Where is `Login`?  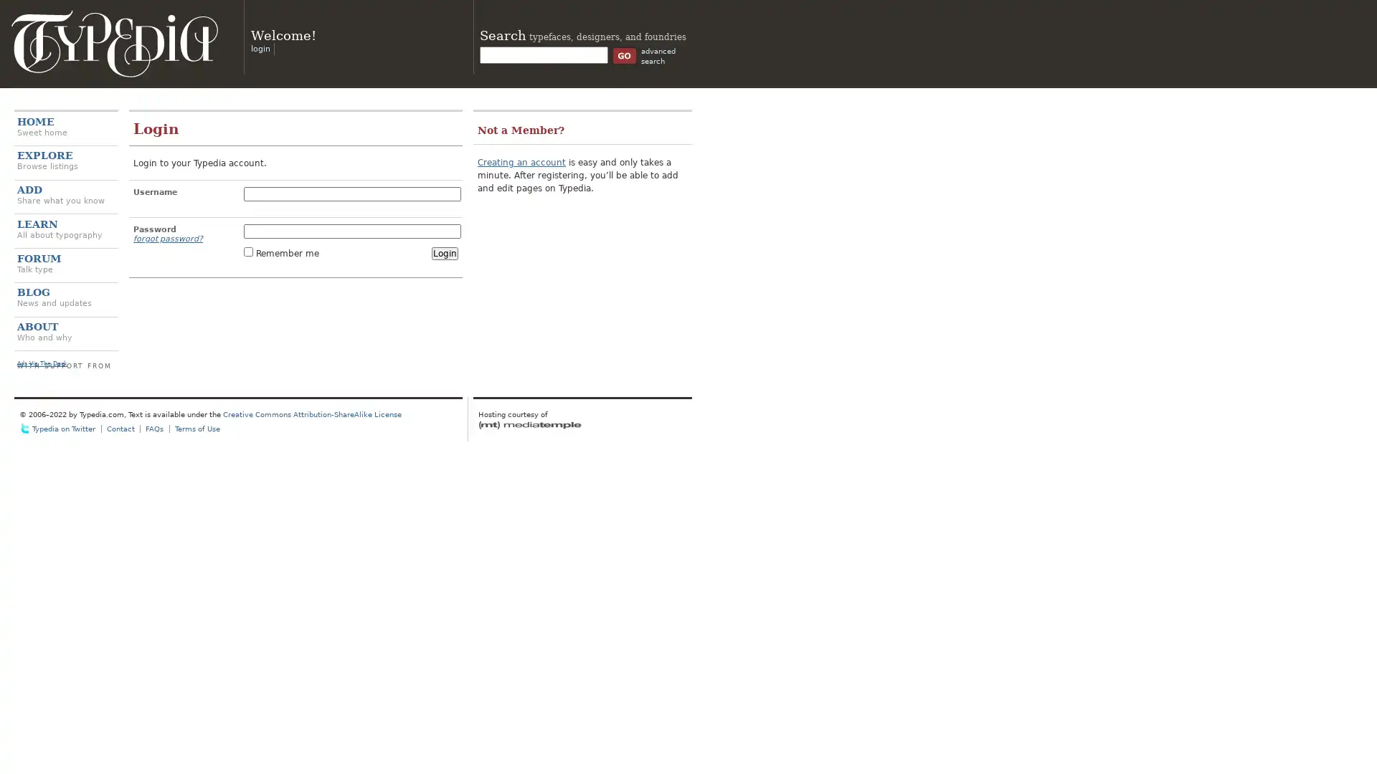 Login is located at coordinates (444, 252).